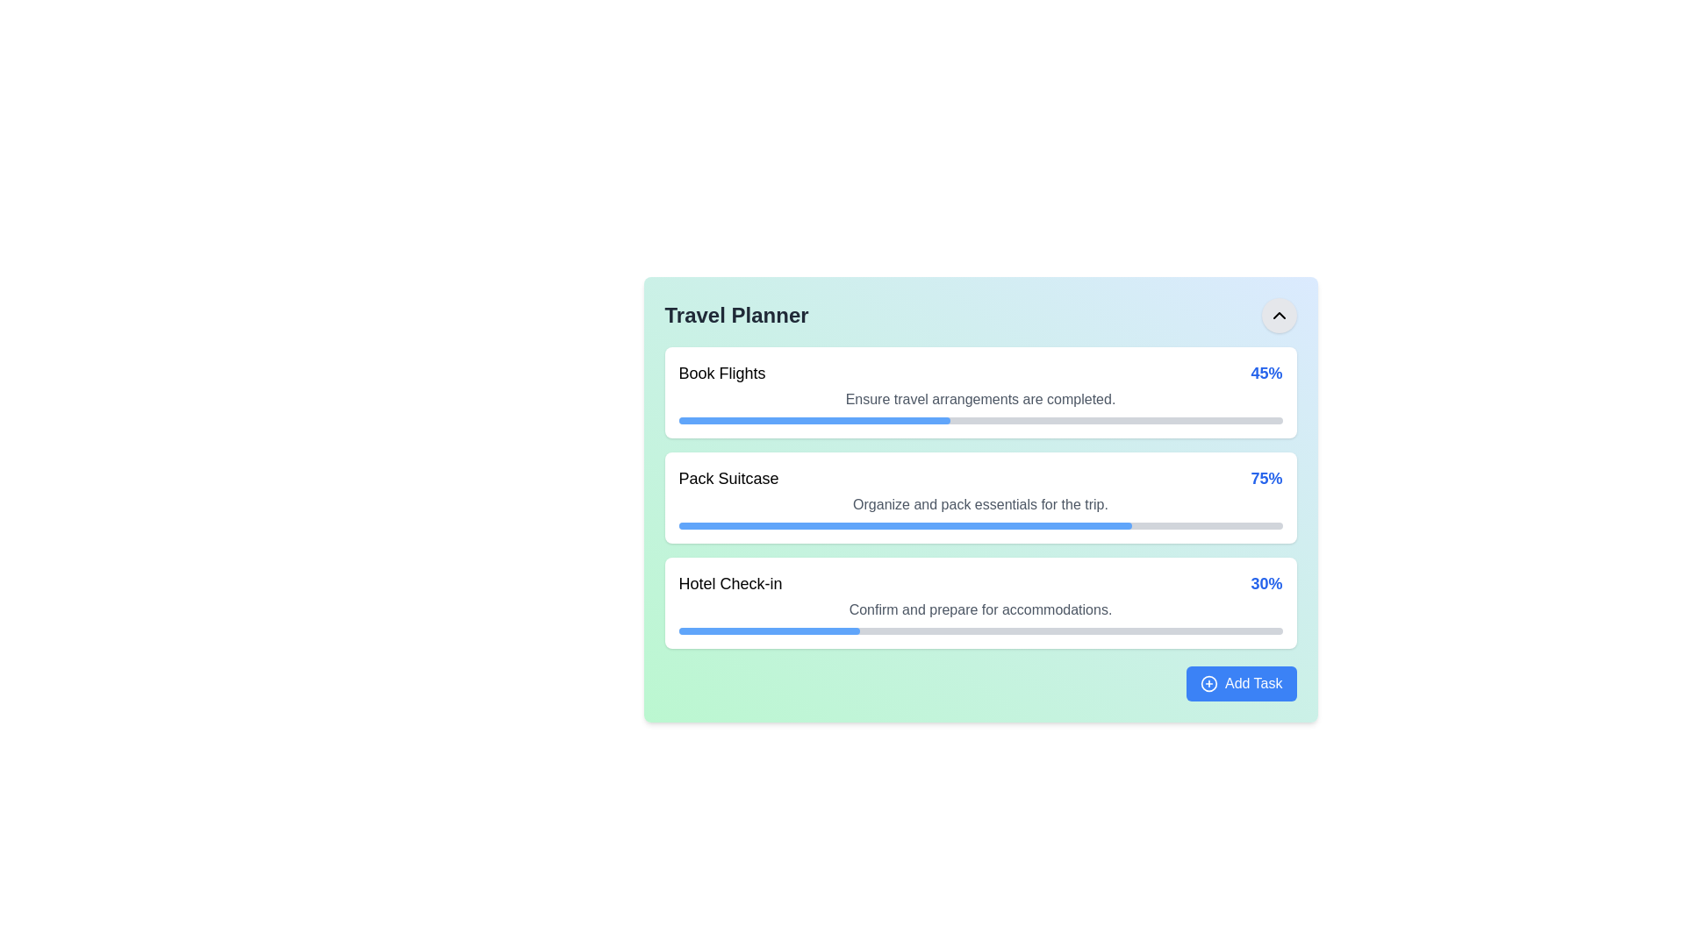 This screenshot has height=947, width=1685. I want to click on the filled segment of the progress bar indicating 75% completion under the 'Pack Suitcase' section, so click(905, 525).